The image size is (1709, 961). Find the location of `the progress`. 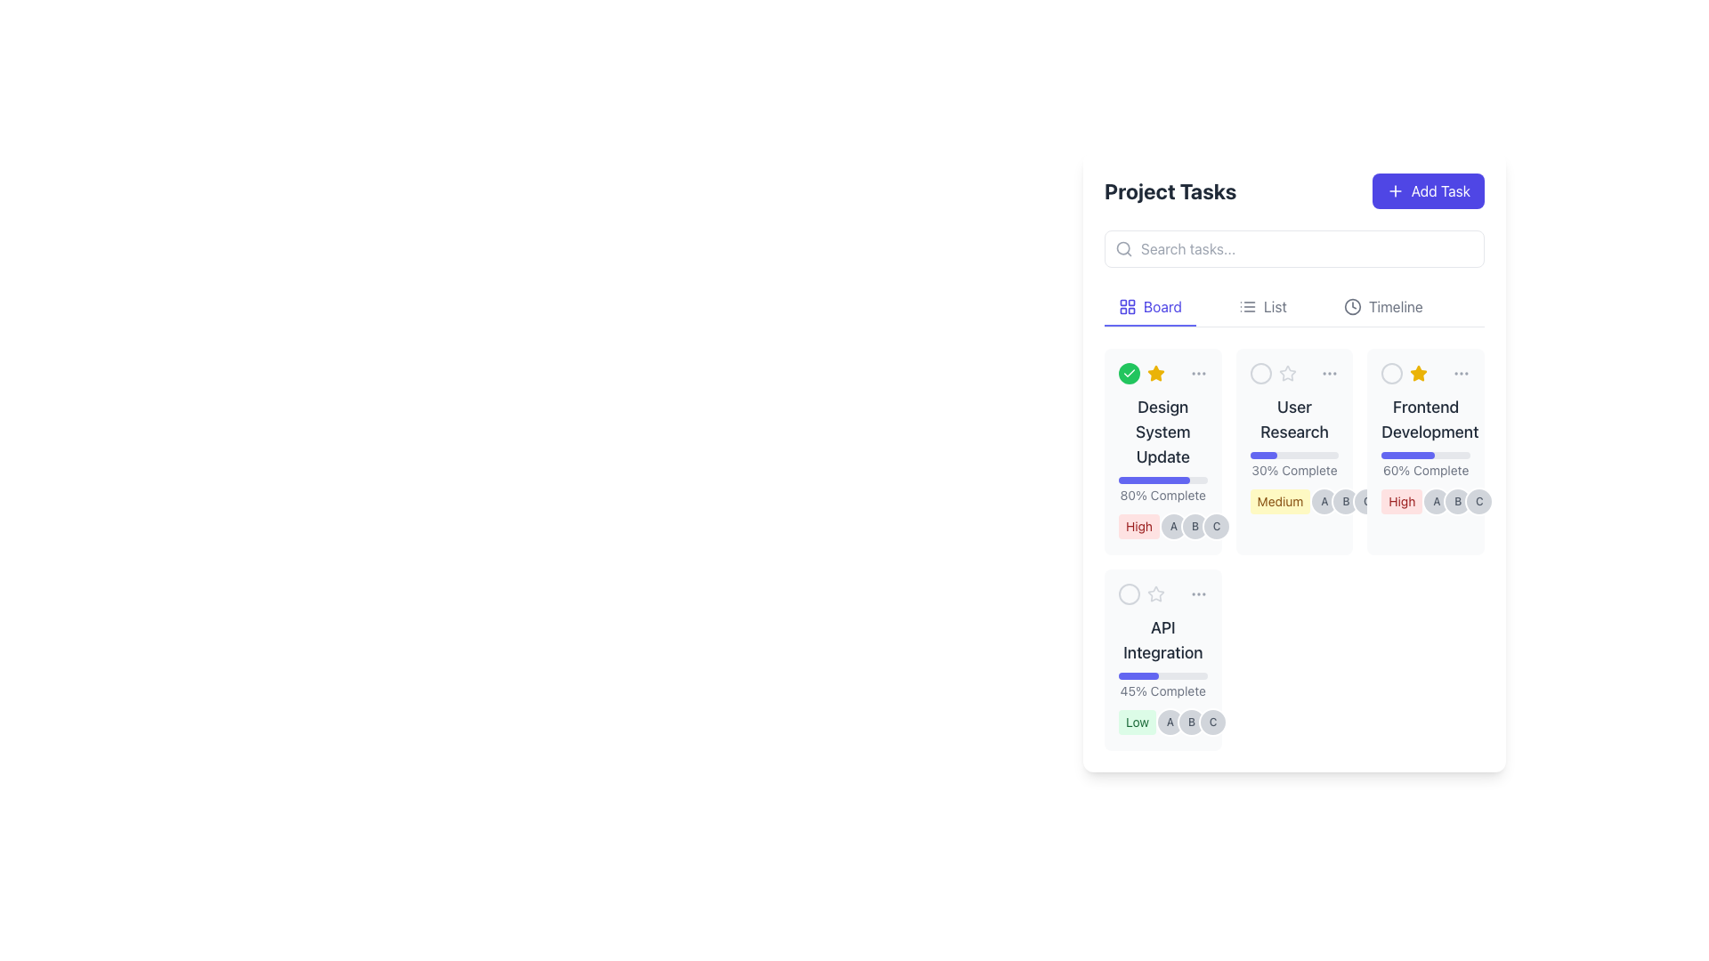

the progress is located at coordinates (1380, 455).